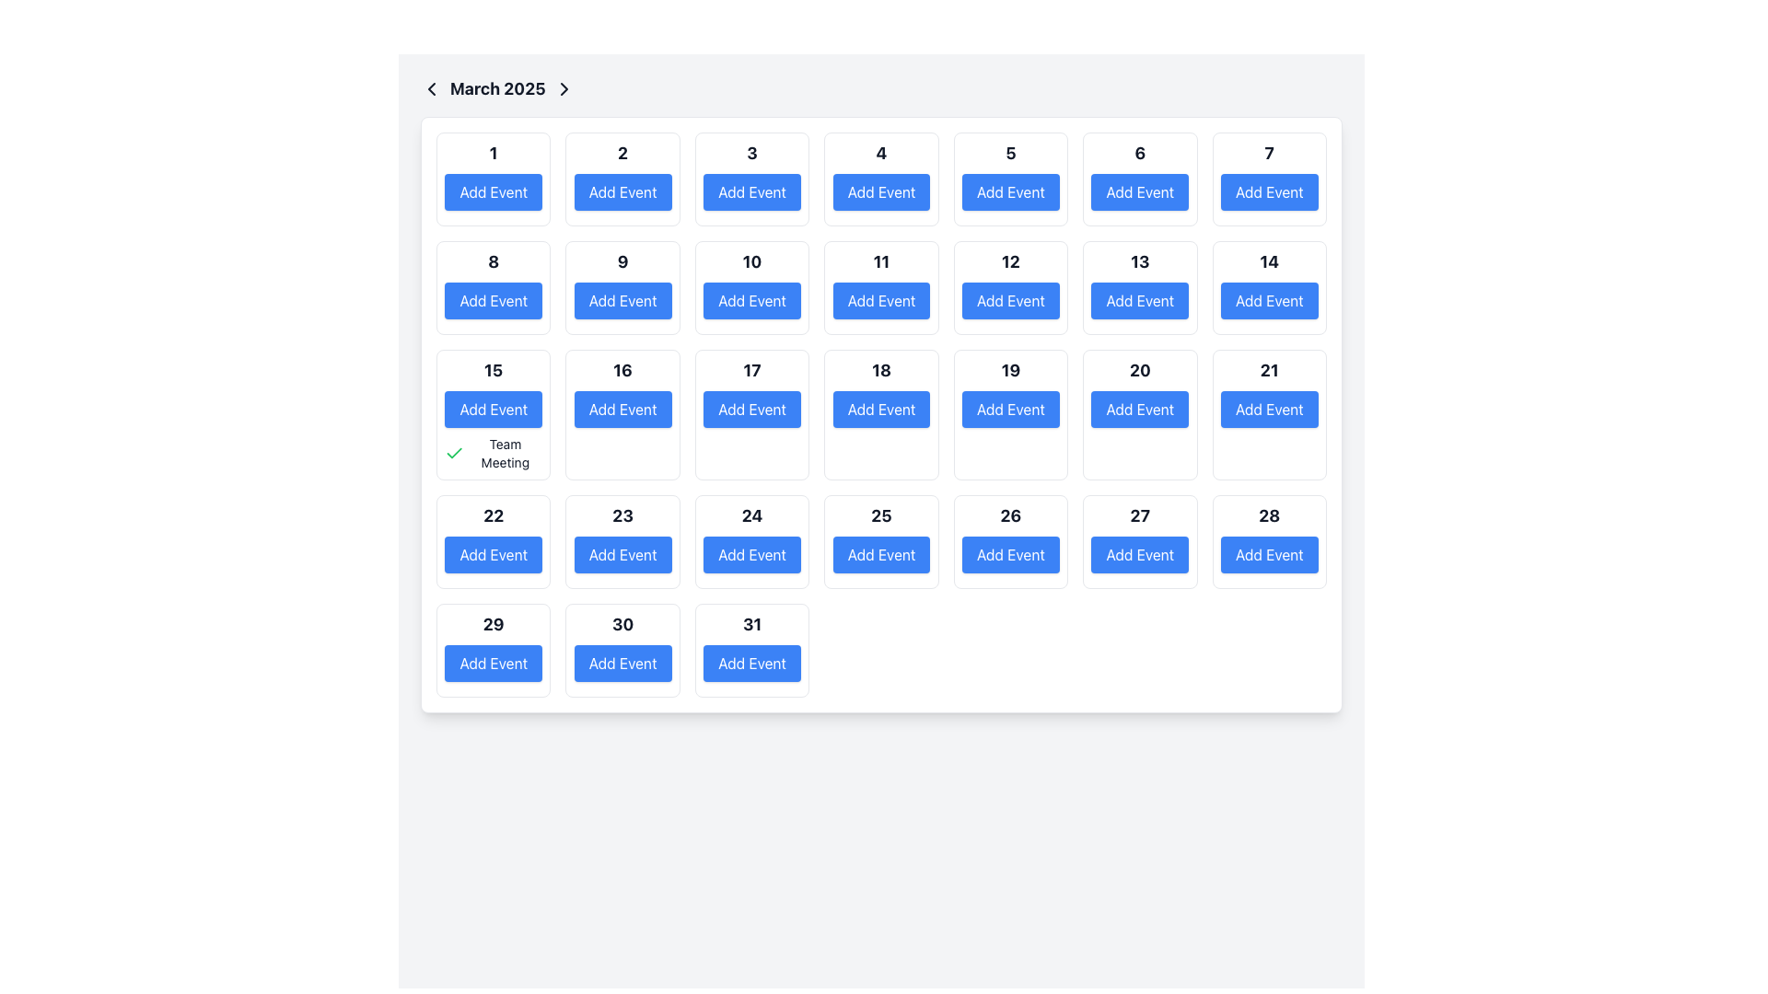 This screenshot has height=994, width=1768. Describe the element at coordinates (1268, 415) in the screenshot. I see `day number displayed in the Calendar Day Cell, which shows the number '21' in large, bold text` at that location.